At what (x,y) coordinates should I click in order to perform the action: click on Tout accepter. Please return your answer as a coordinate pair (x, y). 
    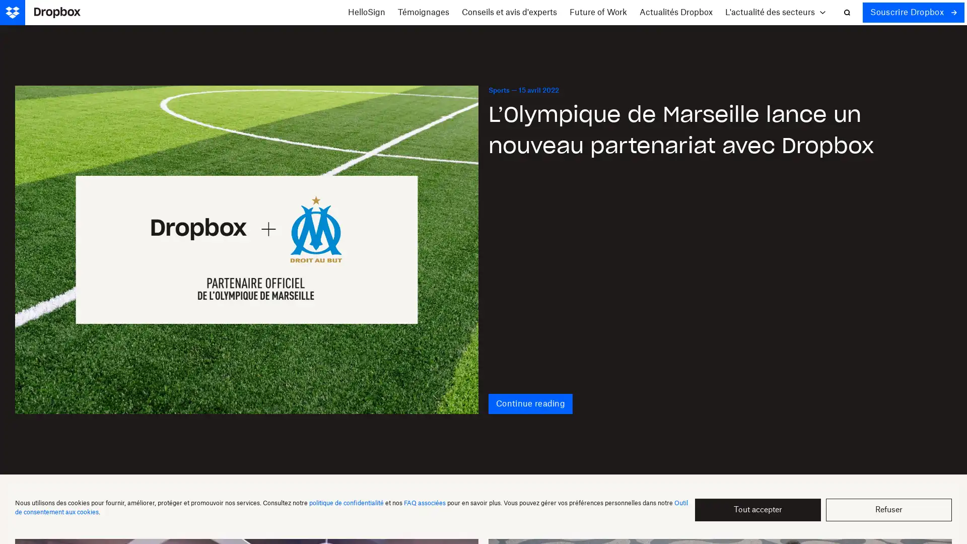
    Looking at the image, I should click on (758, 510).